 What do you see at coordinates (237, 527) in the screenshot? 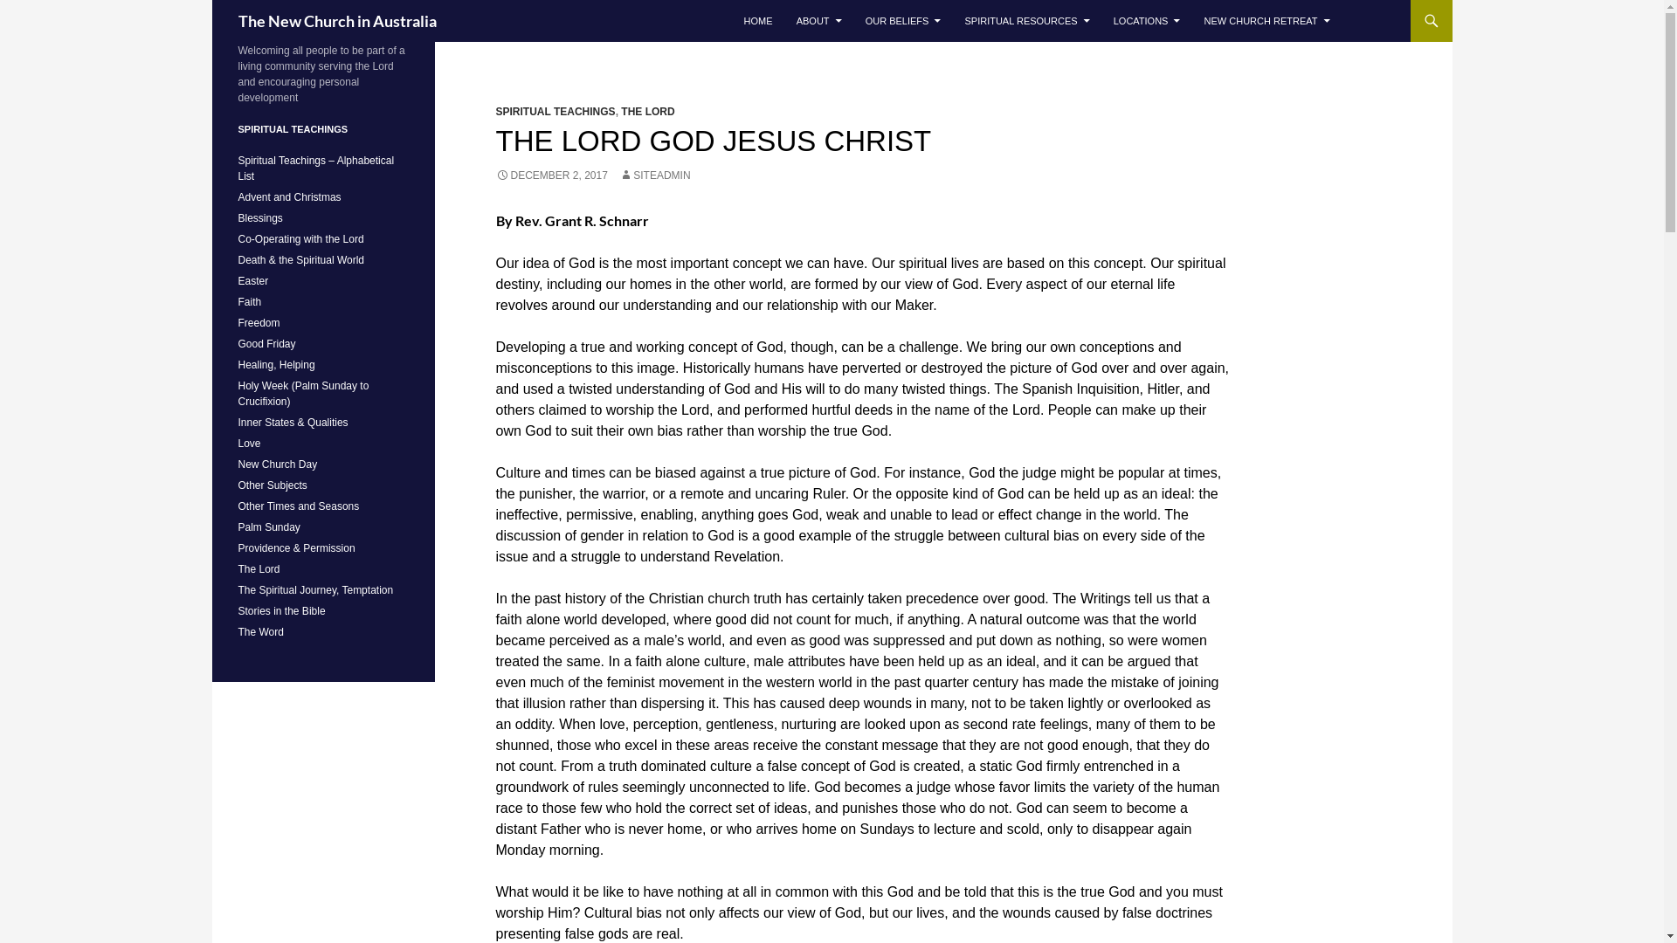
I see `'Palm Sunday'` at bounding box center [237, 527].